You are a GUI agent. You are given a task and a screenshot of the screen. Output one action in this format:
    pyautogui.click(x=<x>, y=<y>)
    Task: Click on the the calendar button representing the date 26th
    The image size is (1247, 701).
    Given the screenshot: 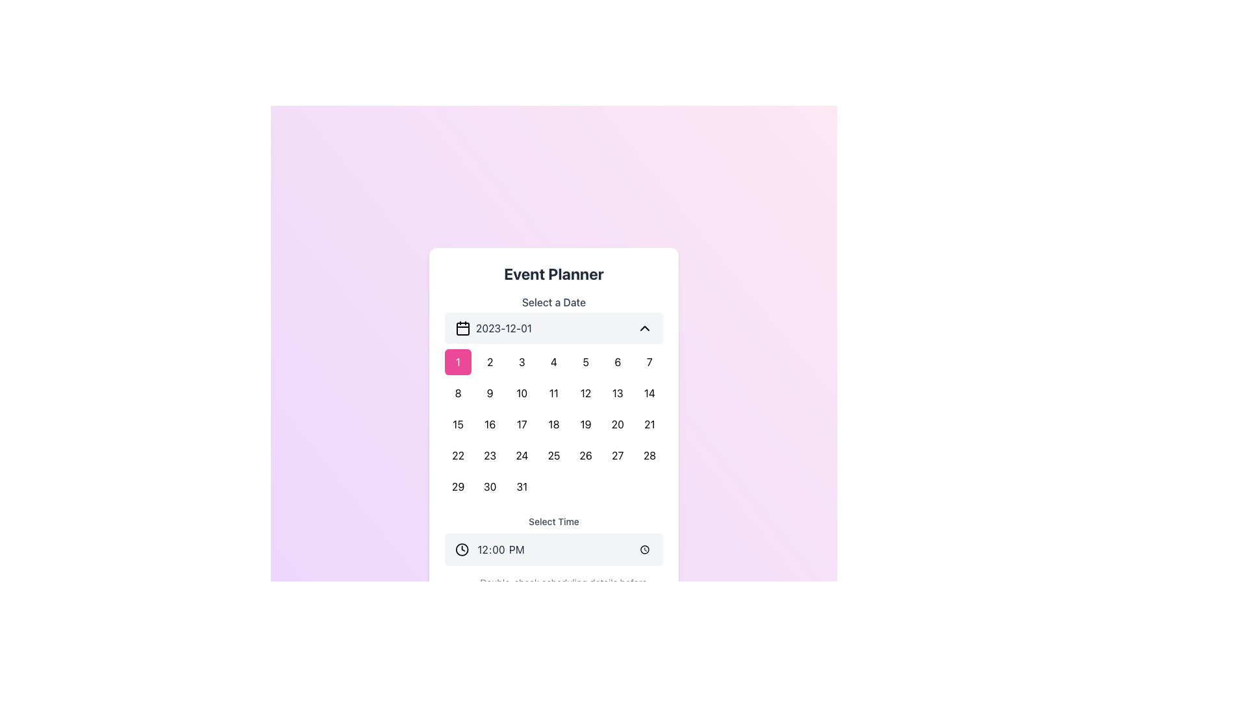 What is the action you would take?
    pyautogui.click(x=585, y=455)
    